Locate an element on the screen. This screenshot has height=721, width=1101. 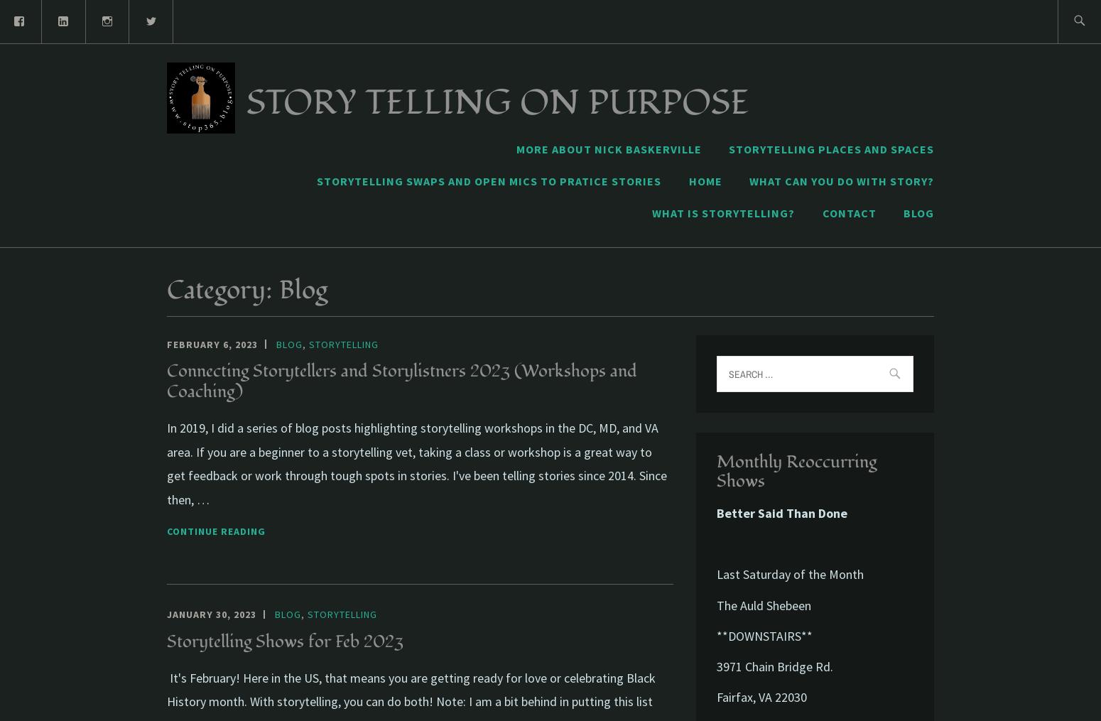
'Home' is located at coordinates (704, 180).